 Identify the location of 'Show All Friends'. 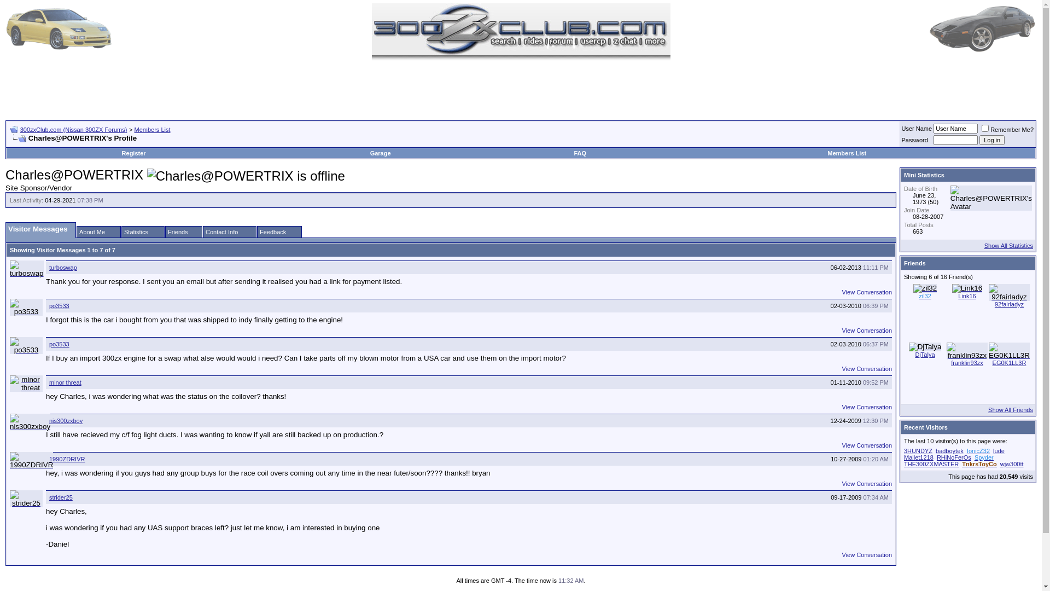
(1010, 409).